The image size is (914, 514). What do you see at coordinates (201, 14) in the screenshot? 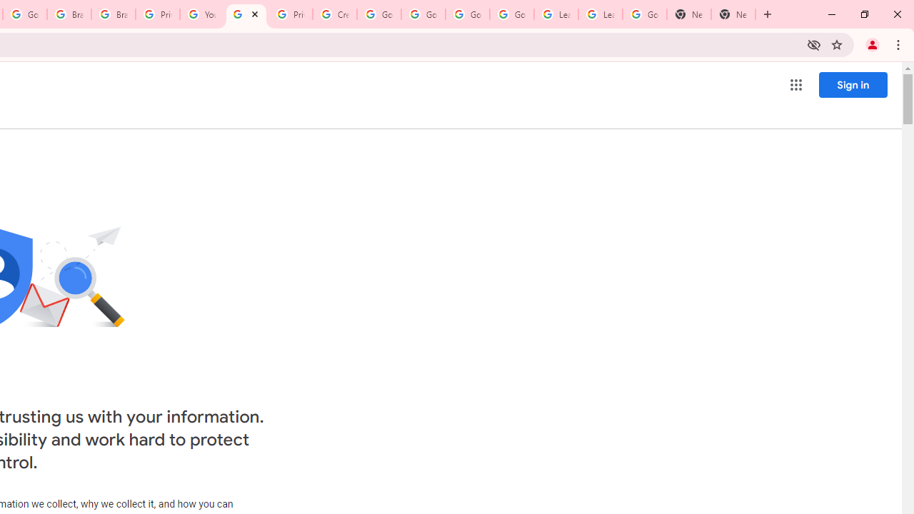
I see `'YouTube'` at bounding box center [201, 14].